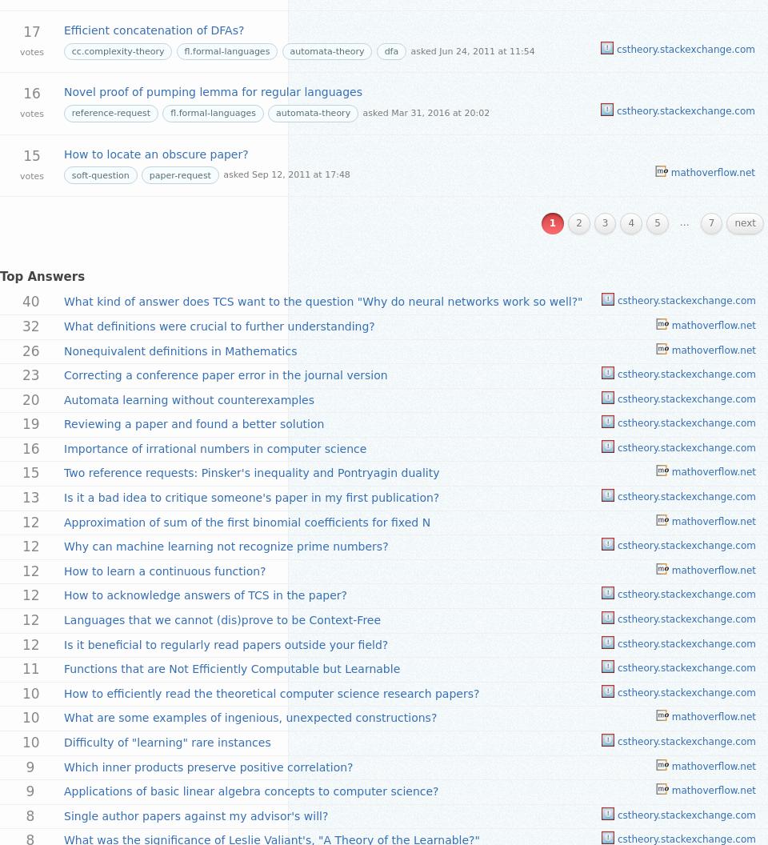  Describe the element at coordinates (193, 424) in the screenshot. I see `'Reviewing a paper and found a better solution'` at that location.